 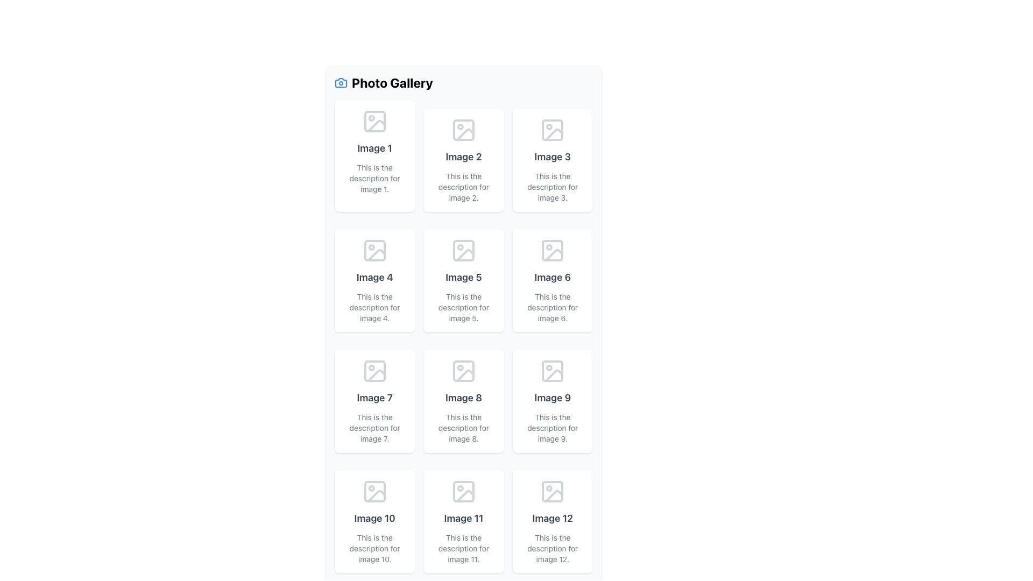 What do you see at coordinates (553, 280) in the screenshot?
I see `the Content Card in the second row, third column of the photo gallery, which displays thumbnails and descriptions of images` at bounding box center [553, 280].